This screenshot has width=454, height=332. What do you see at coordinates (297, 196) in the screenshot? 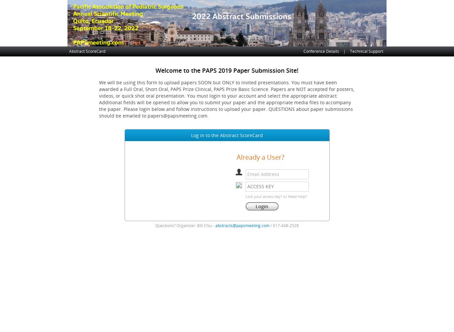
I see `'Need help?'` at bounding box center [297, 196].